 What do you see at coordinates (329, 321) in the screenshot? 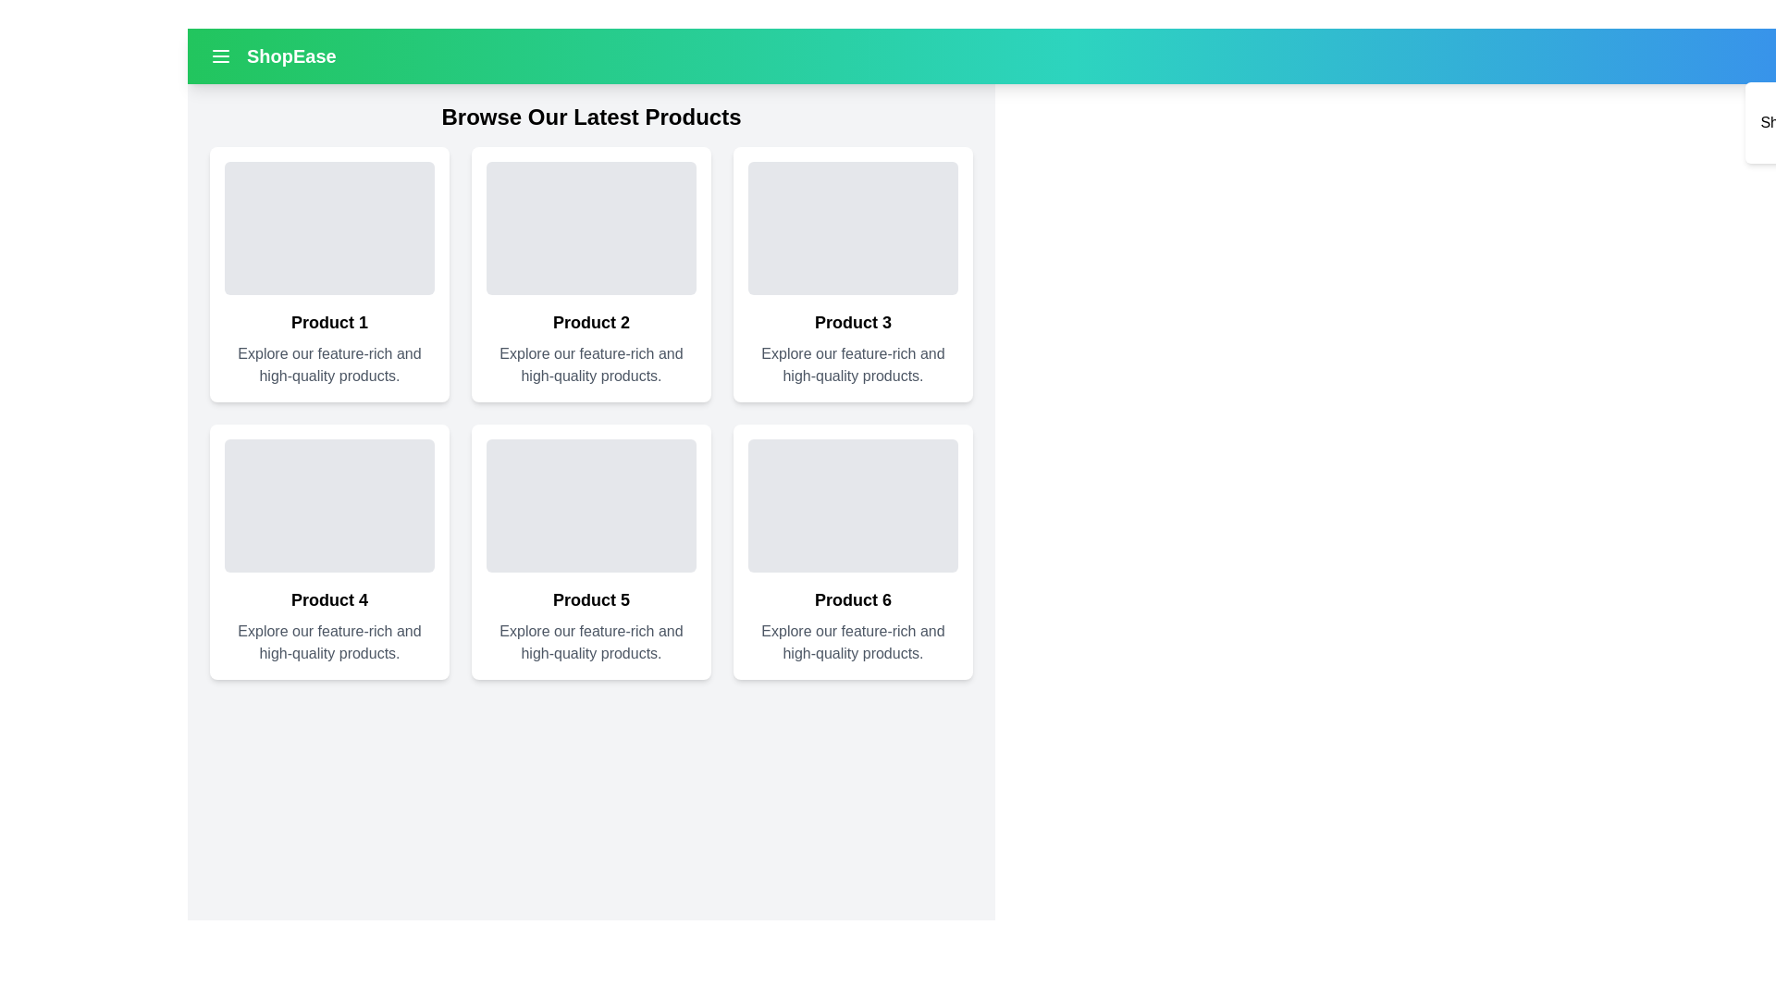
I see `the text label that serves as the title for the product card indicating 'Product 1', located in the first row and first column of the grid layout` at bounding box center [329, 321].